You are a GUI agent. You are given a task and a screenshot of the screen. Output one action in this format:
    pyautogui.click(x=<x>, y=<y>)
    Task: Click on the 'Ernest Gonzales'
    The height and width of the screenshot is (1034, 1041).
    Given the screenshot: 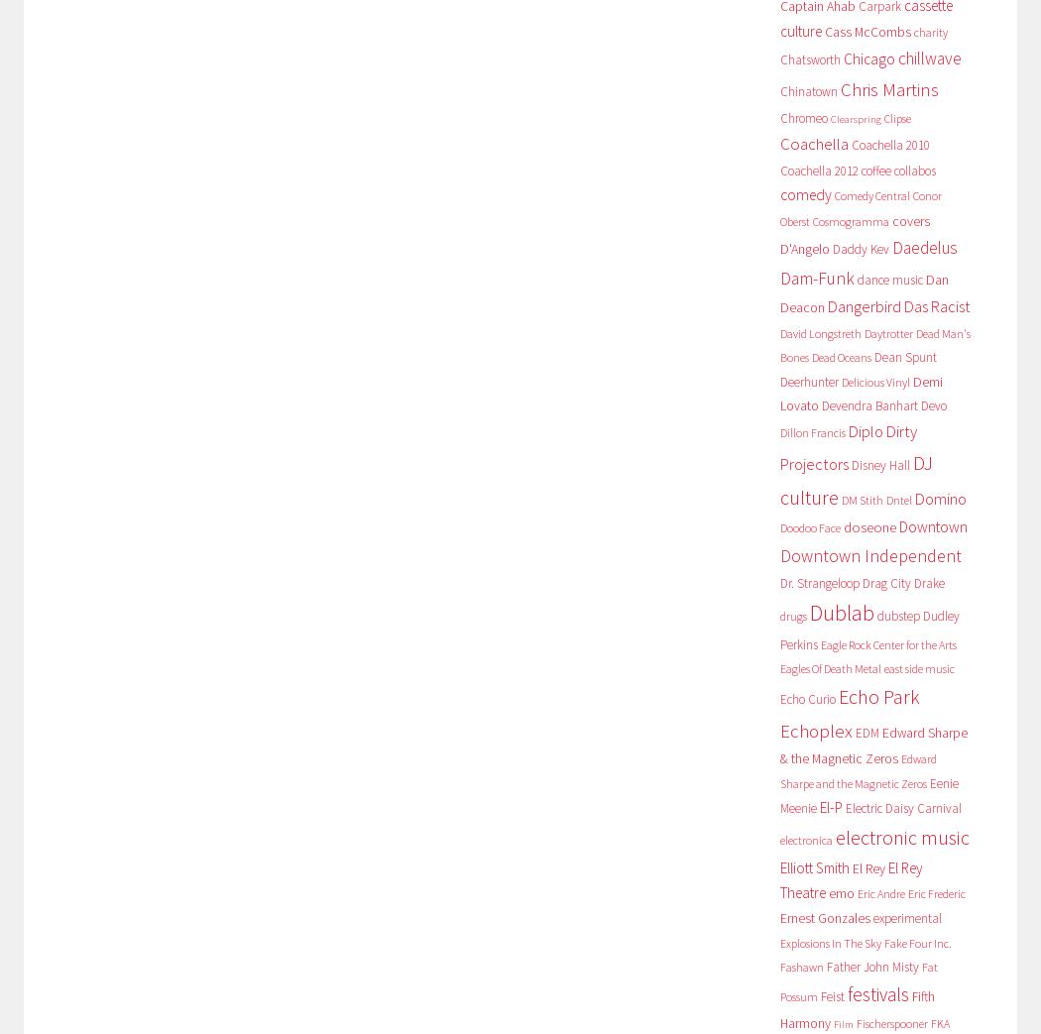 What is the action you would take?
    pyautogui.click(x=824, y=916)
    